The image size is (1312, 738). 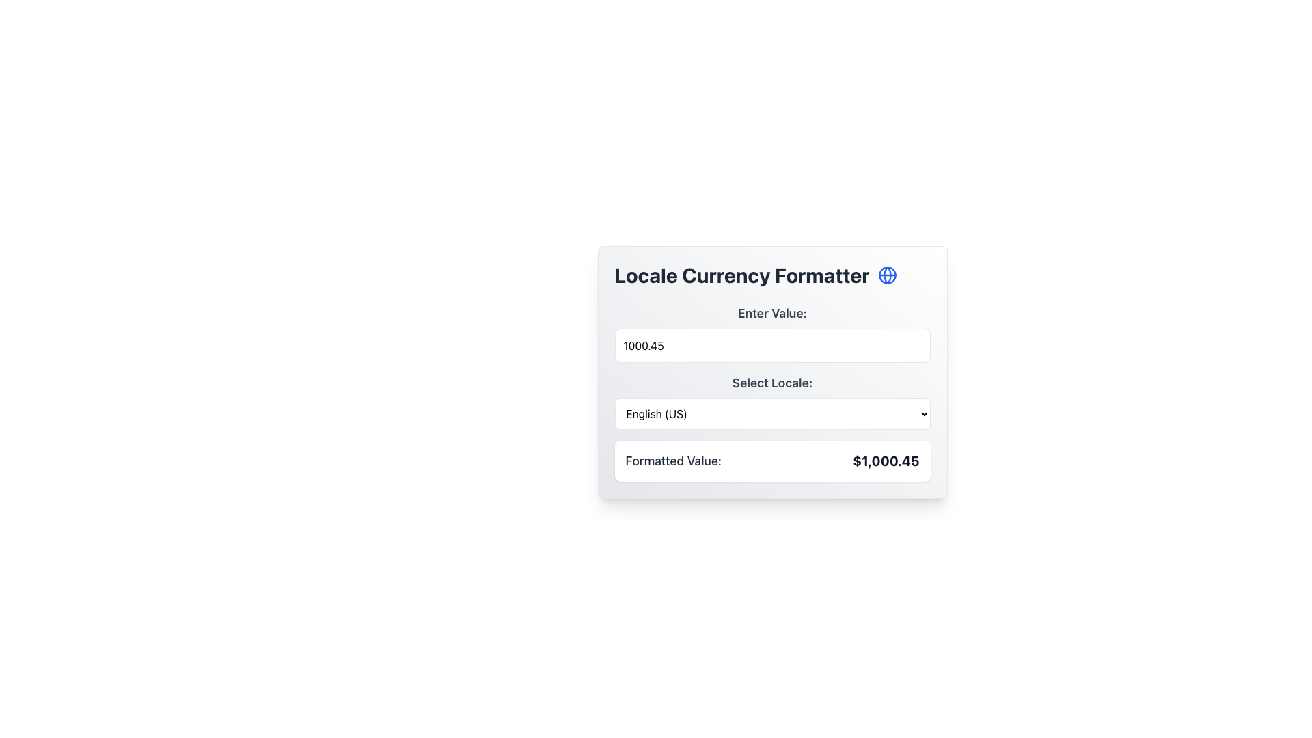 I want to click on the text label displaying 'Enter Value:' which is a bold, medium-sized dark gray text at the top-center of the section, so click(x=772, y=314).